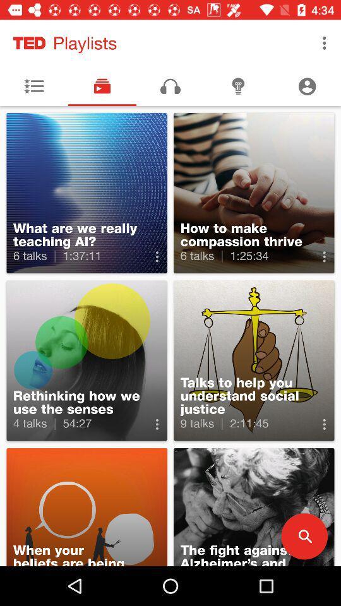 The height and width of the screenshot is (606, 341). Describe the element at coordinates (170, 85) in the screenshot. I see `the music icon on the top of the page` at that location.